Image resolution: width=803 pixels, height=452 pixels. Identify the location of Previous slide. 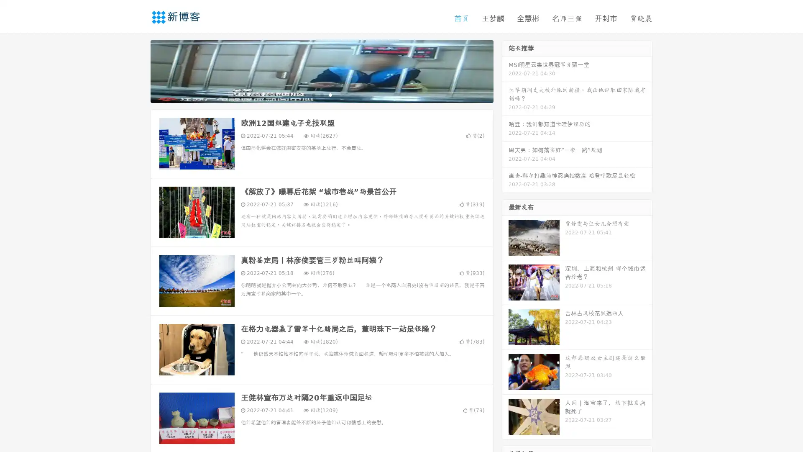
(138, 70).